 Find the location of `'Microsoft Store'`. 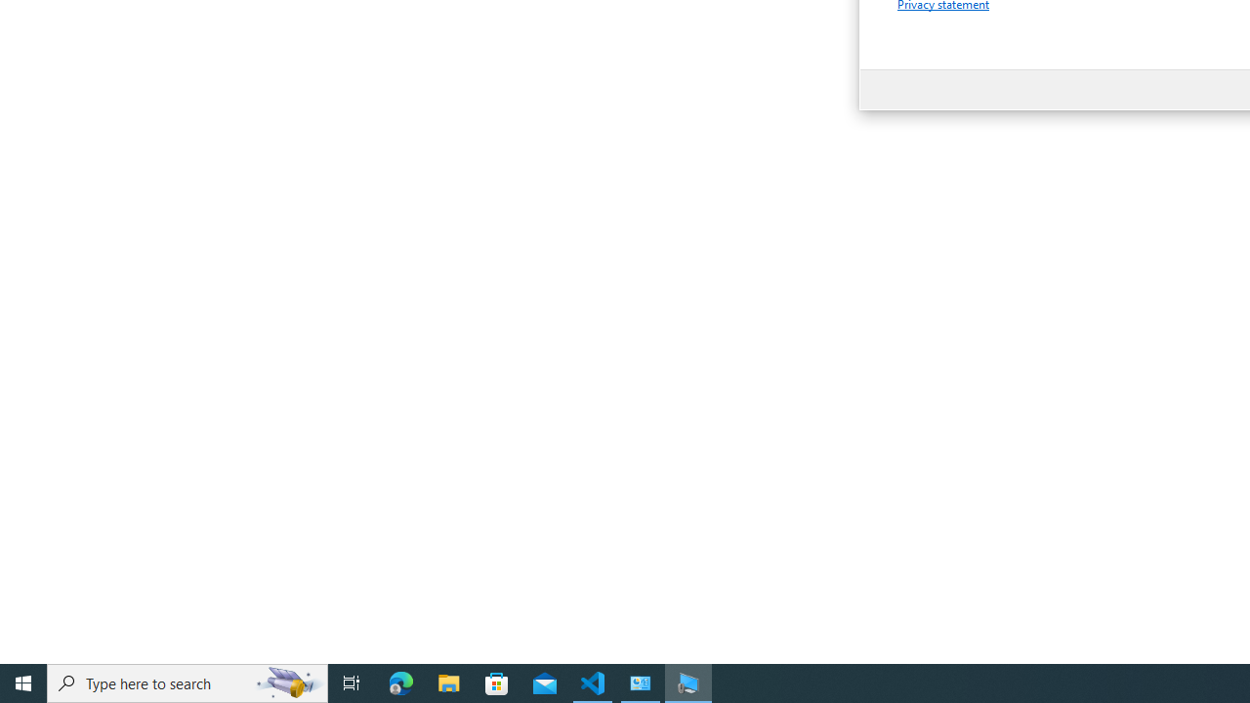

'Microsoft Store' is located at coordinates (497, 682).